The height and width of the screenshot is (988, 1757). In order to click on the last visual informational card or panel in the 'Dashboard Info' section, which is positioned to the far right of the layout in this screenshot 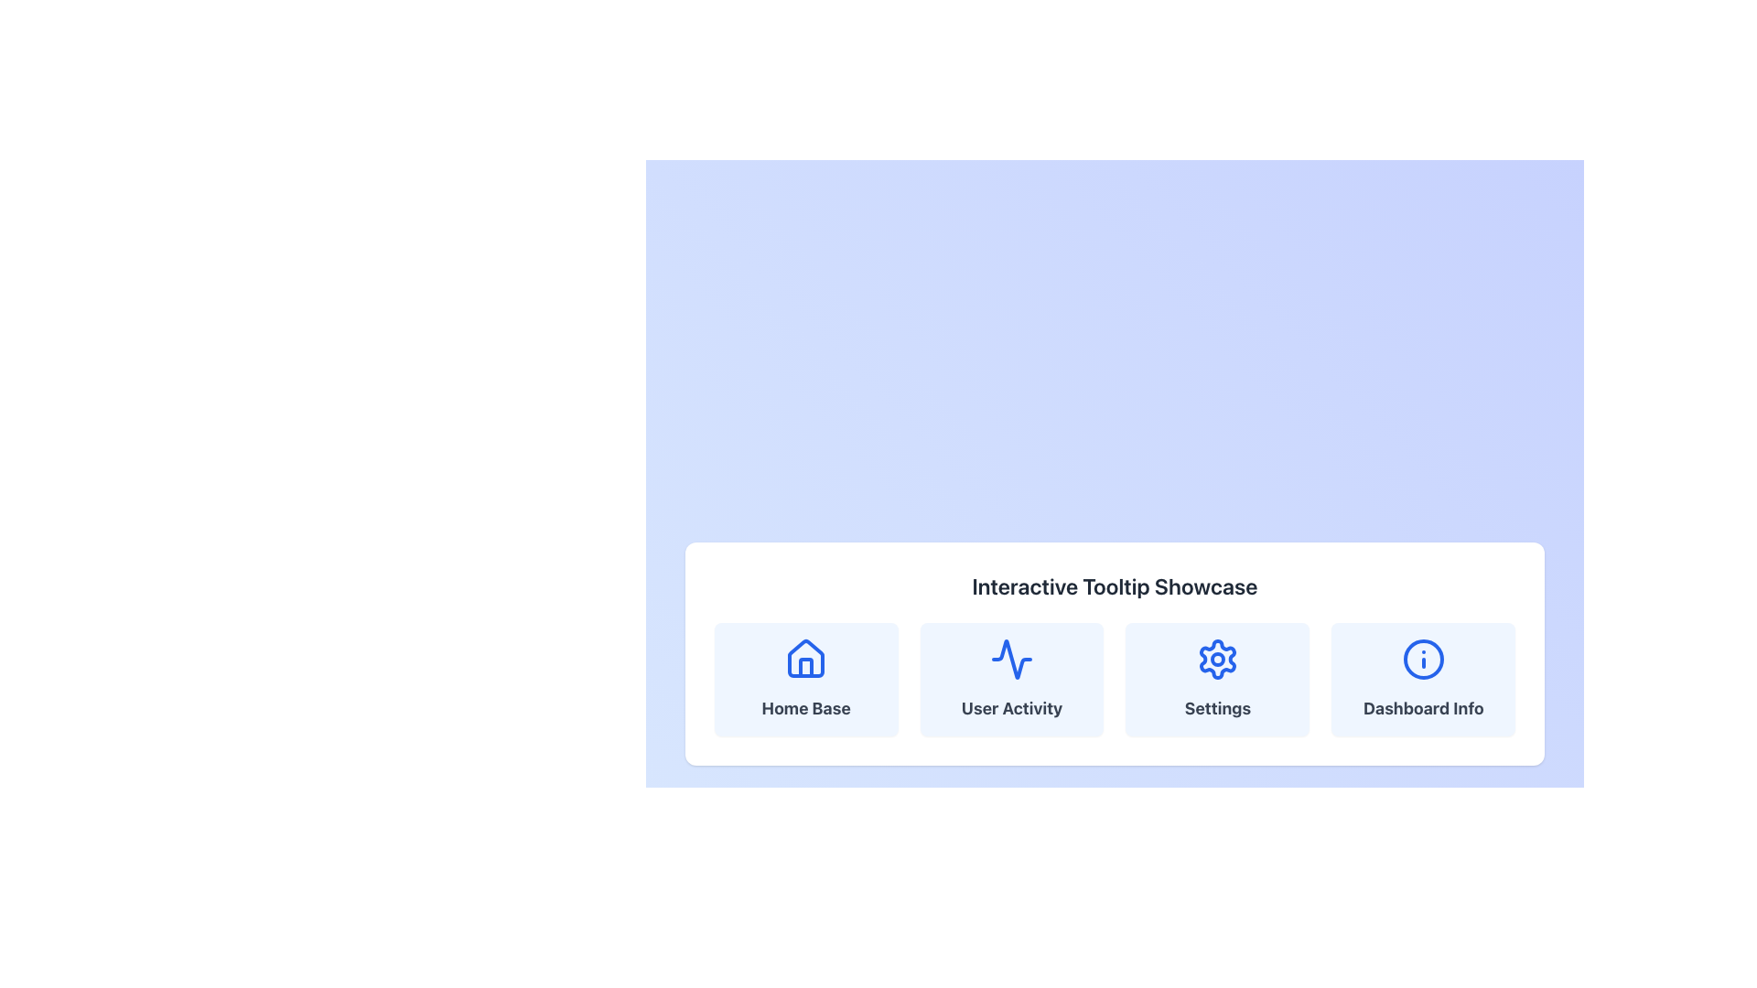, I will do `click(1422, 680)`.